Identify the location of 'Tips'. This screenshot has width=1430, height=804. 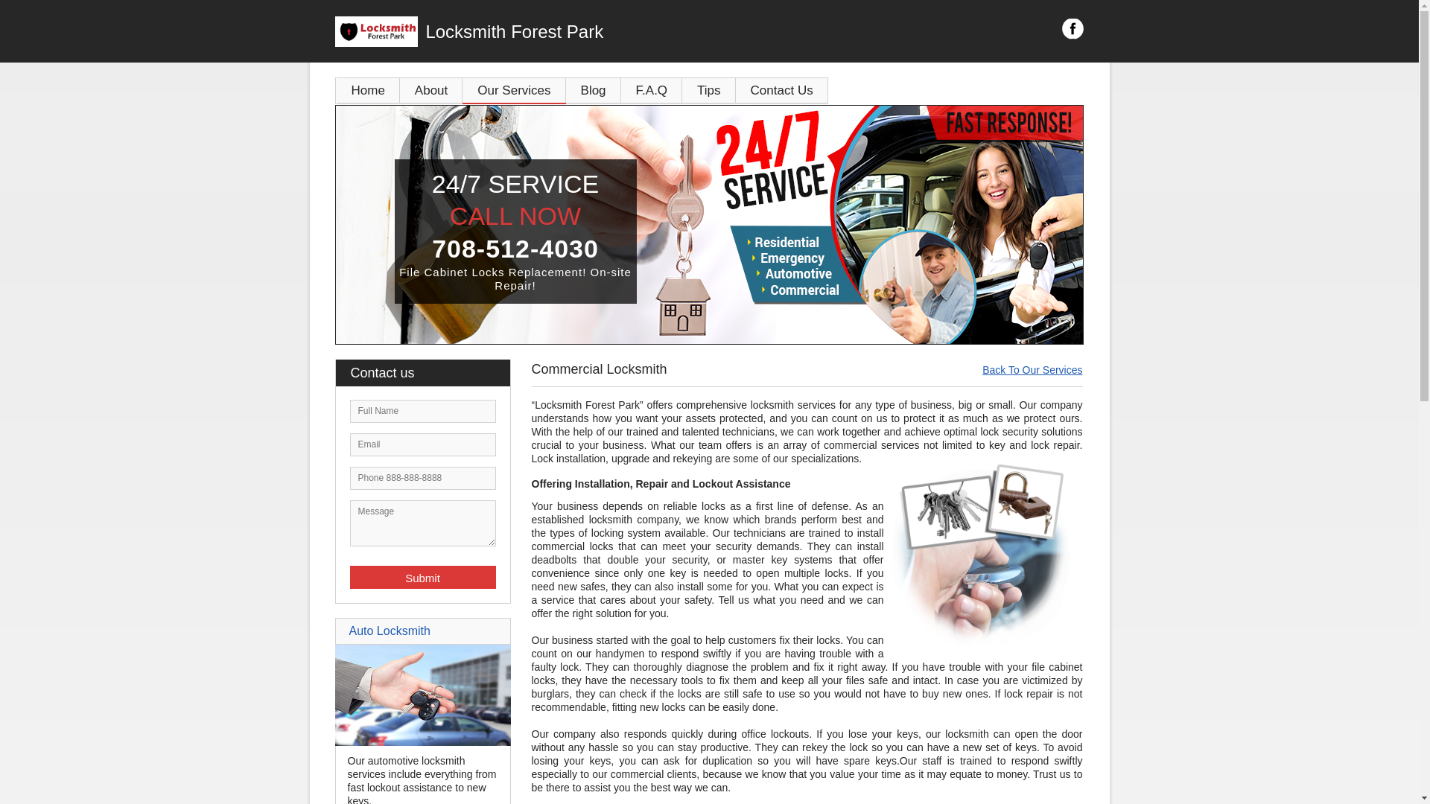
(708, 90).